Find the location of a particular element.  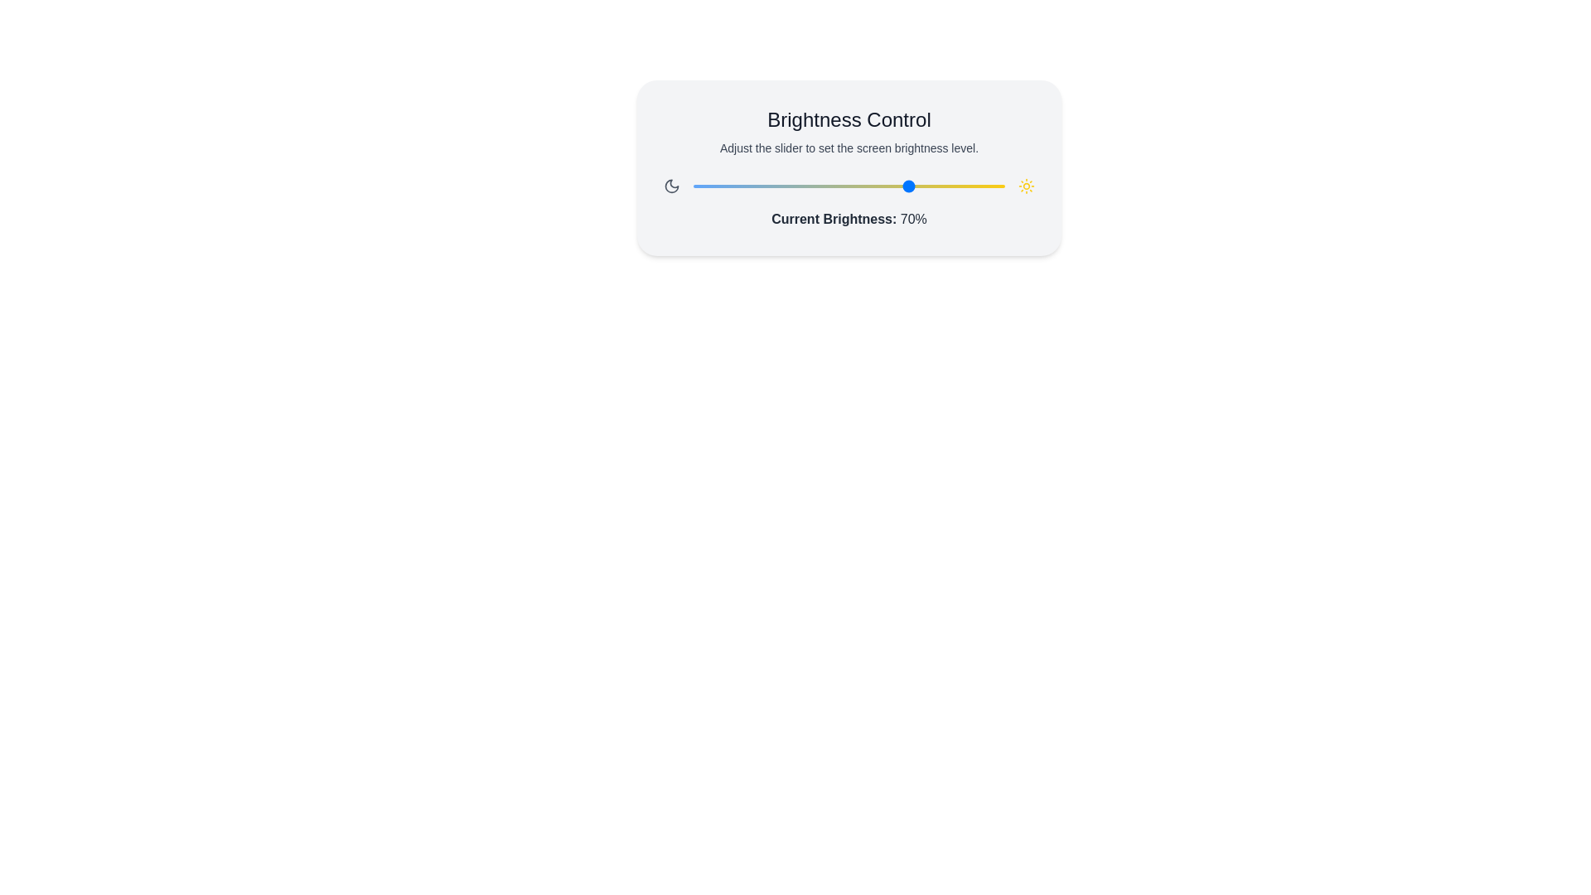

the brightness slider to 10% is located at coordinates (724, 186).